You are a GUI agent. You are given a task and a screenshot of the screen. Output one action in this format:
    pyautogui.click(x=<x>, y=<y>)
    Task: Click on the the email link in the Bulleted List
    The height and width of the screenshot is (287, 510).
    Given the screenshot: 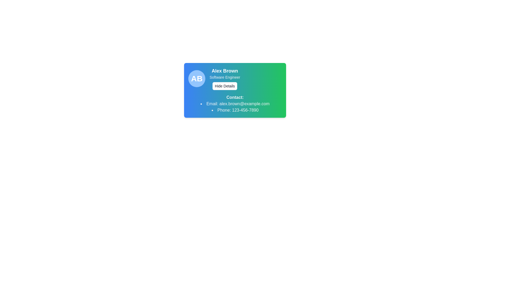 What is the action you would take?
    pyautogui.click(x=235, y=107)
    